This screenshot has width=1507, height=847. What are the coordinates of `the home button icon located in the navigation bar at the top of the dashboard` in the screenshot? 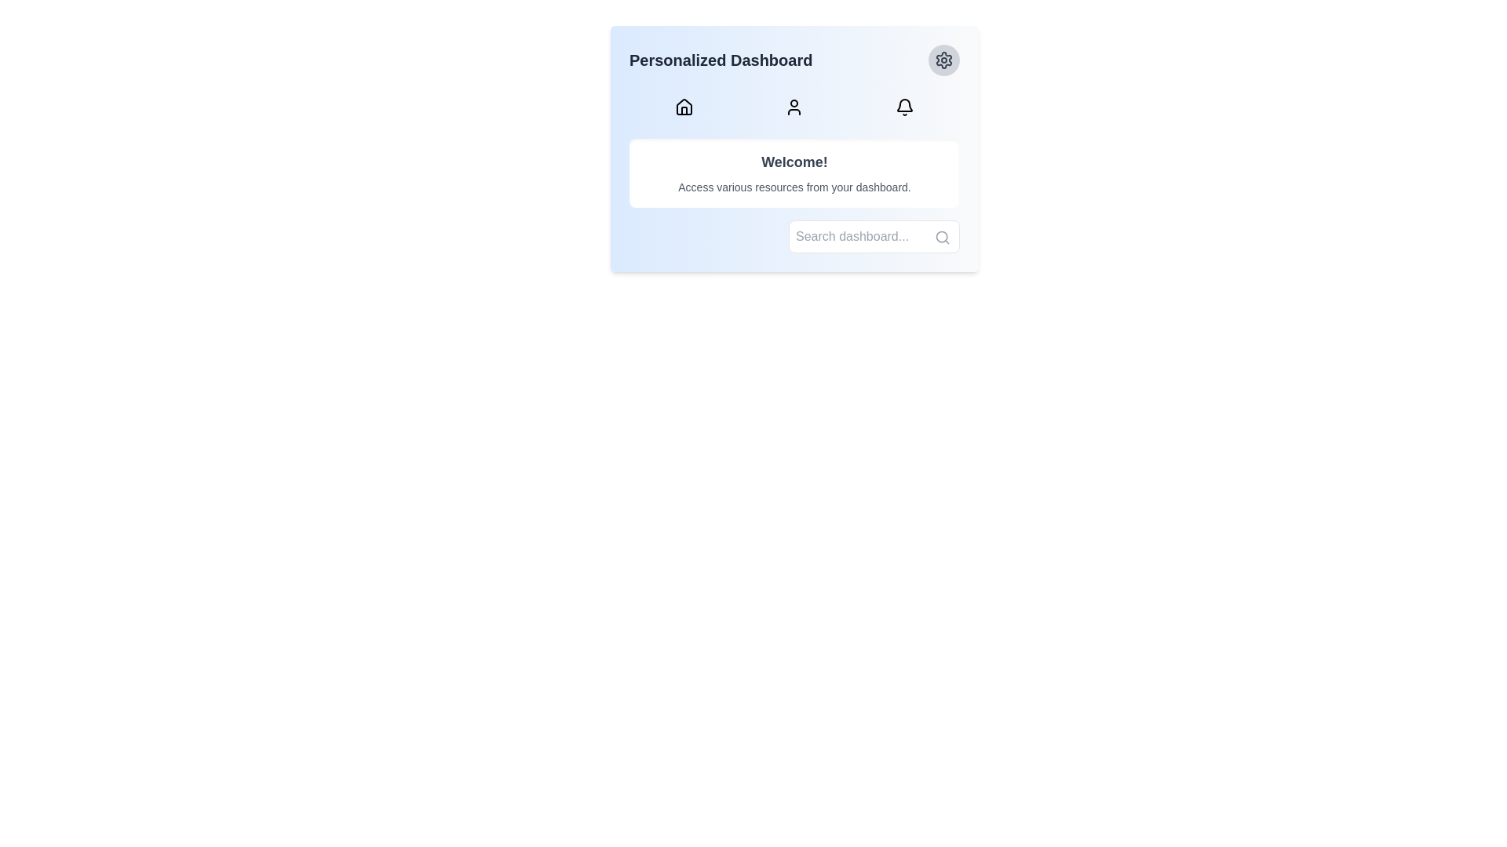 It's located at (684, 106).